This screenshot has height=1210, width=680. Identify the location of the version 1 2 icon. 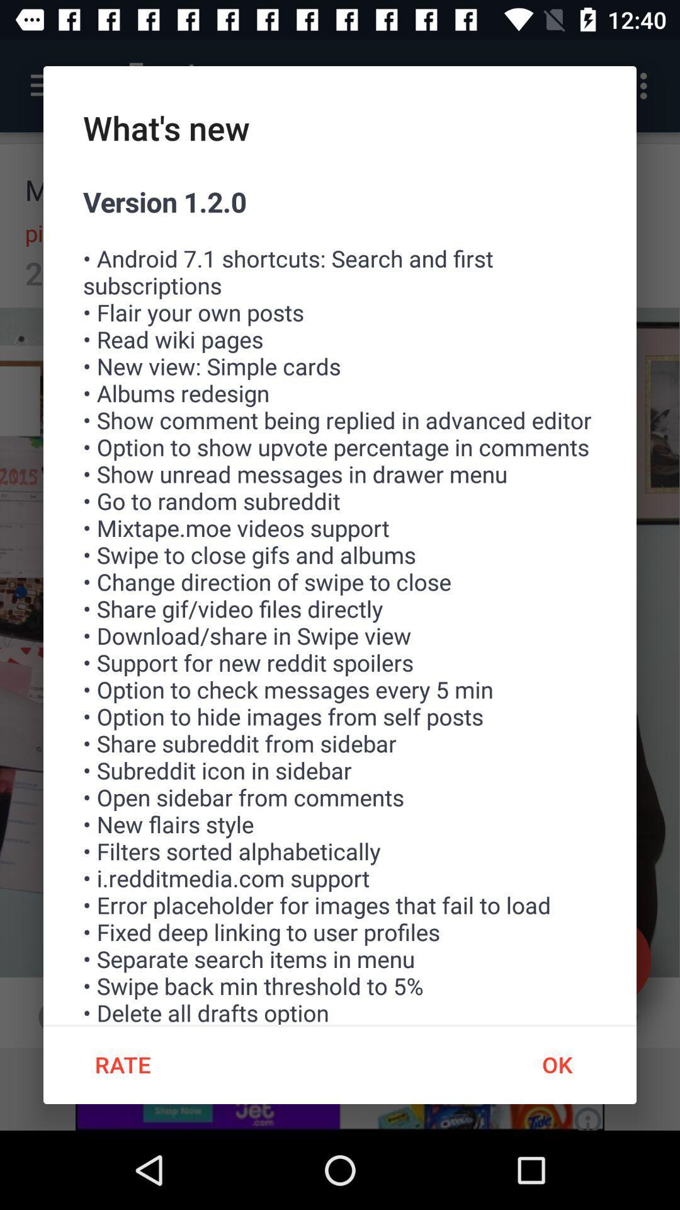
(340, 603).